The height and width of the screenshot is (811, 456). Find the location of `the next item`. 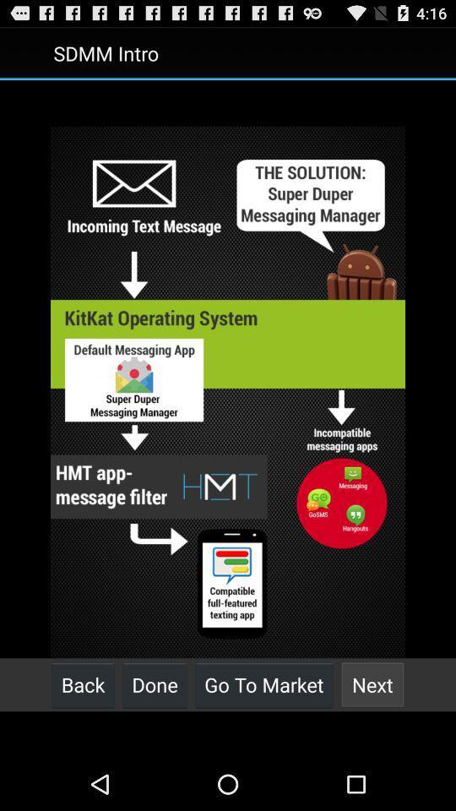

the next item is located at coordinates (372, 684).